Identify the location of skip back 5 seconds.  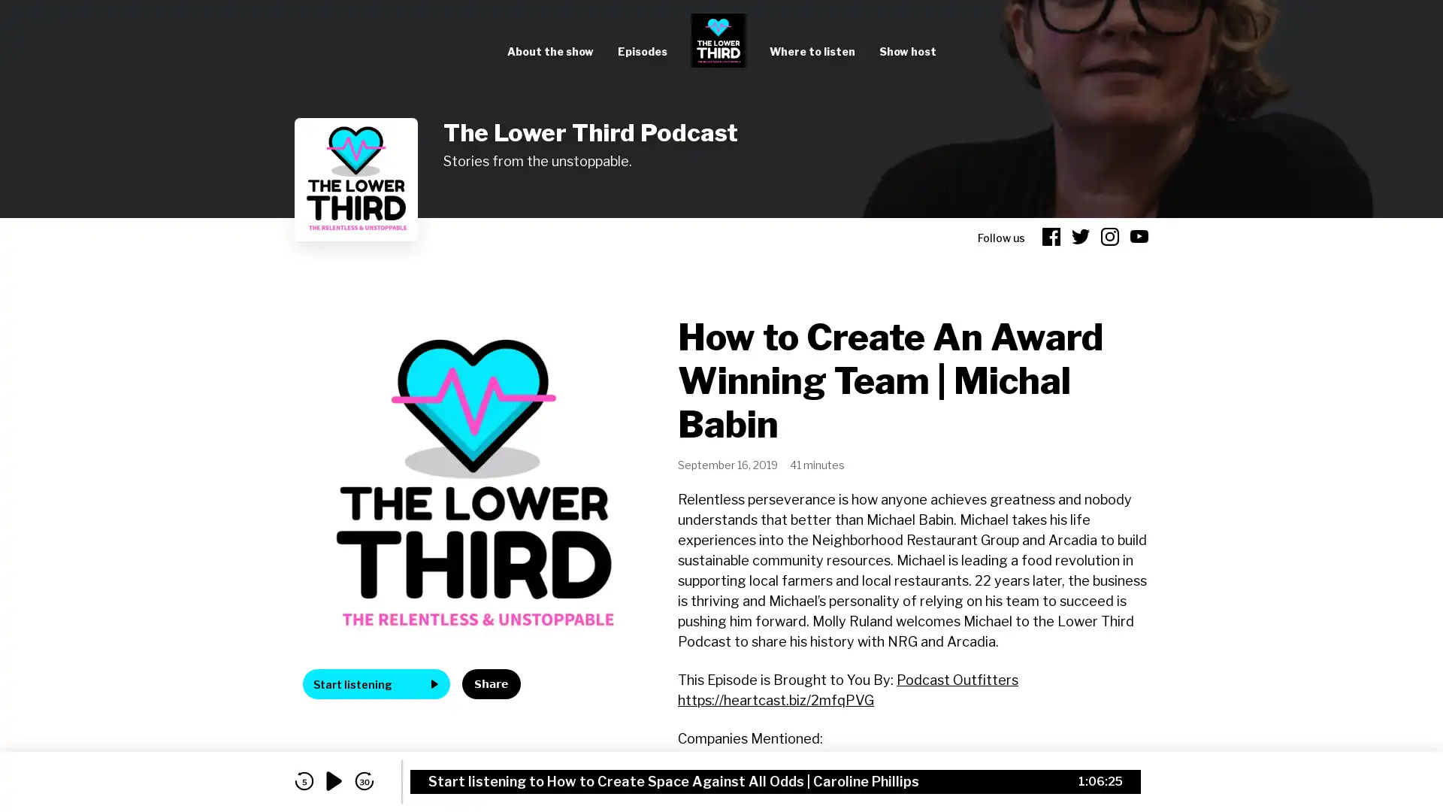
(303, 780).